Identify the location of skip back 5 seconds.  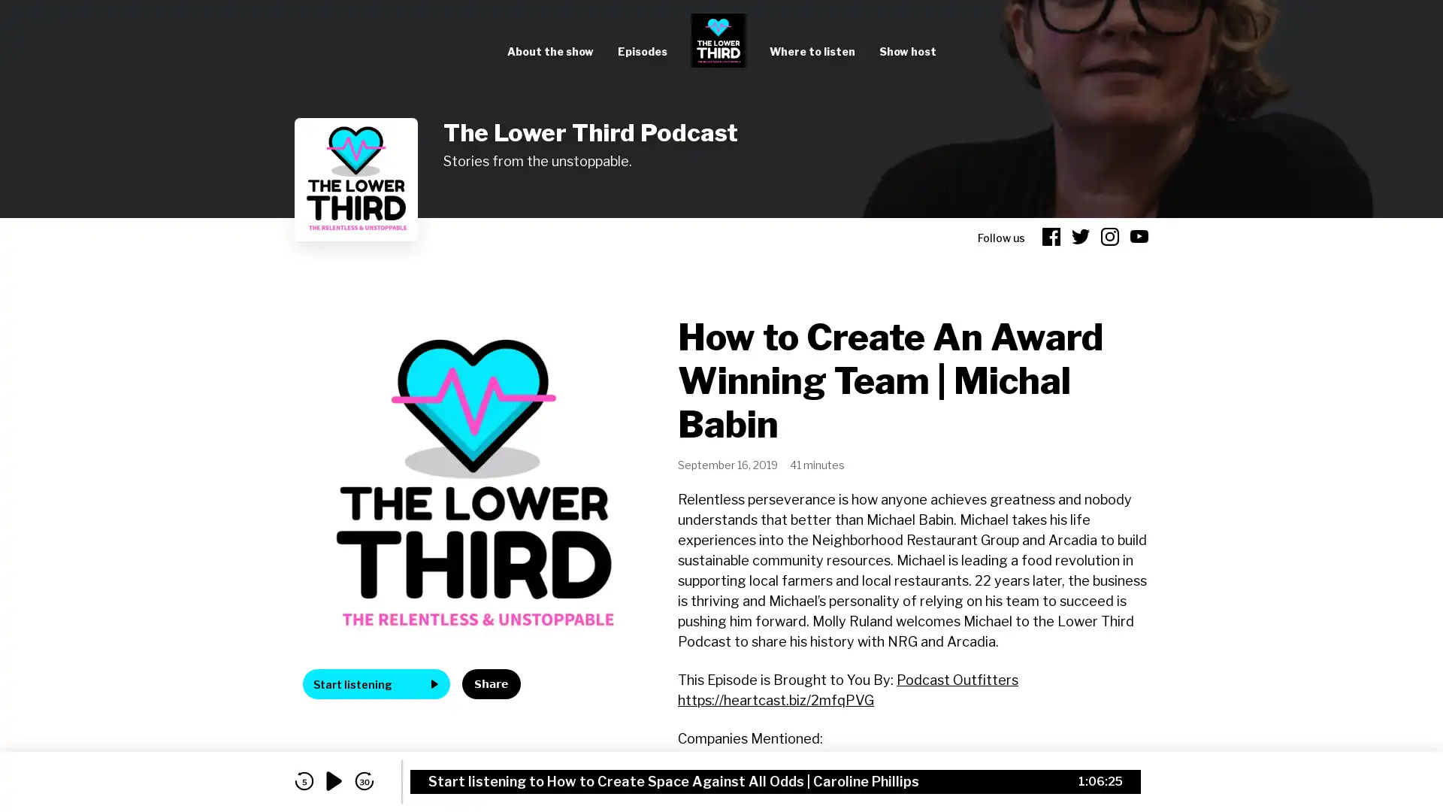
(303, 780).